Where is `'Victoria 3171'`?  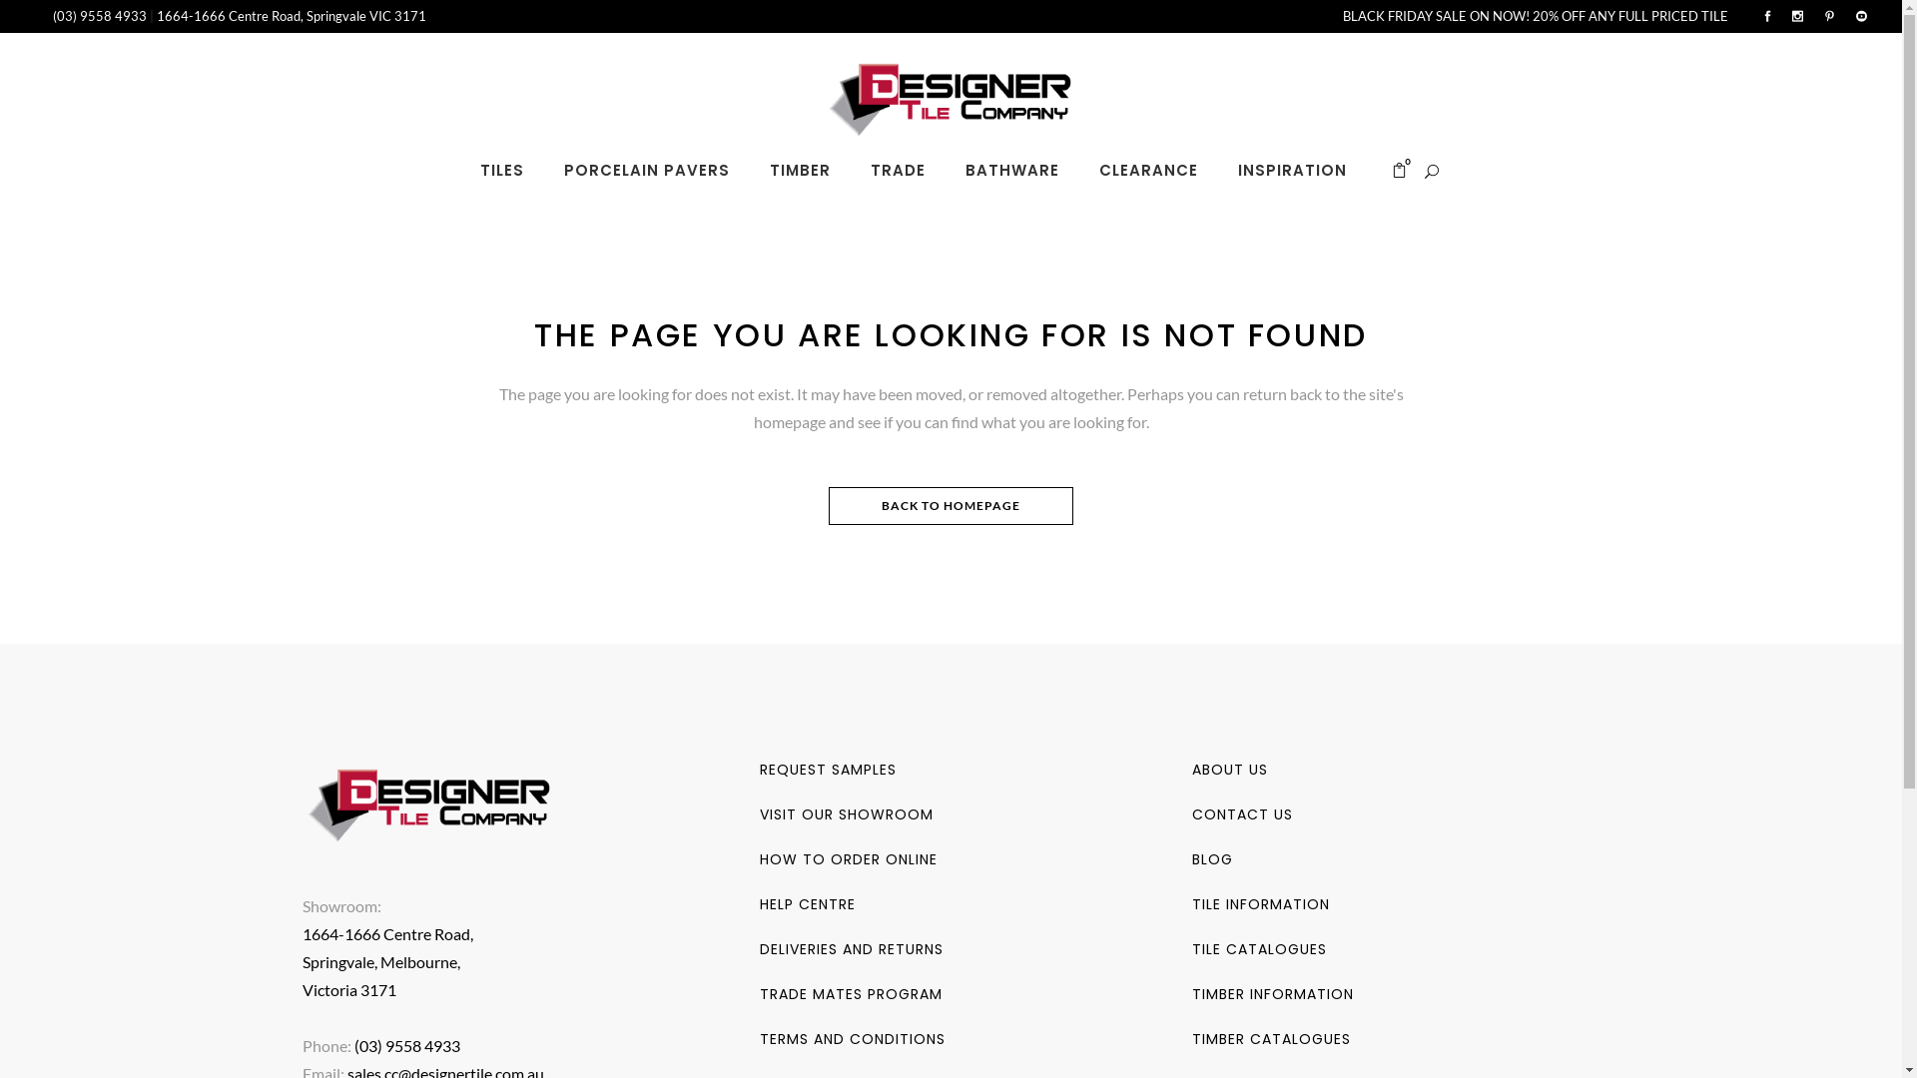 'Victoria 3171' is located at coordinates (348, 989).